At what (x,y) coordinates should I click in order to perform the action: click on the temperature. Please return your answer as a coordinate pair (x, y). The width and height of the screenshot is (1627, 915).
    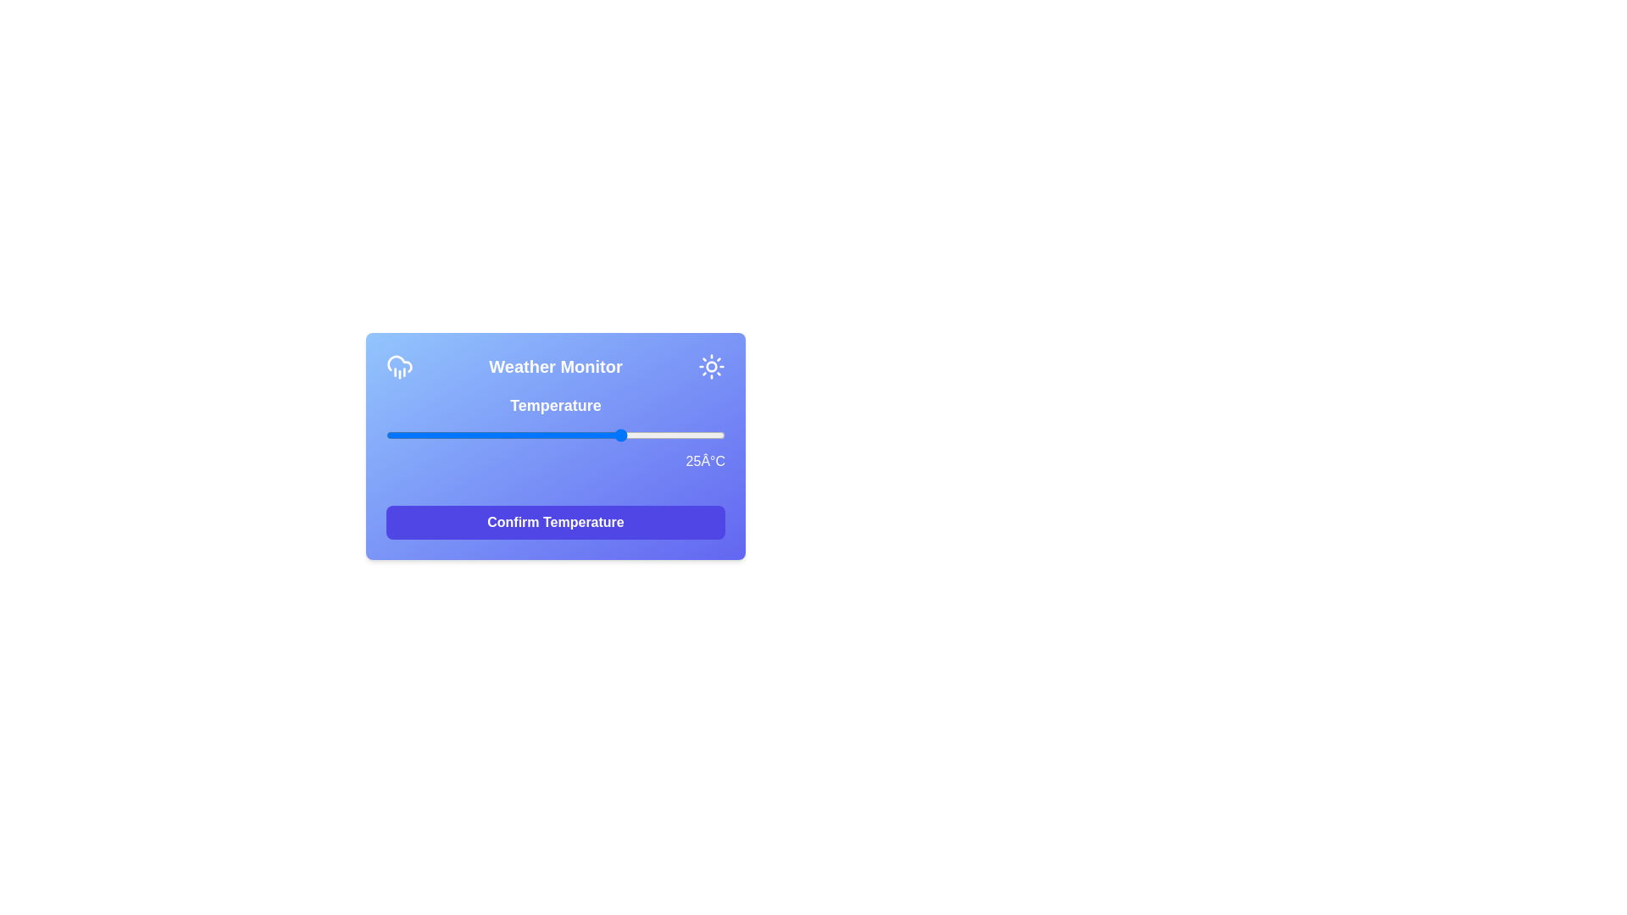
    Looking at the image, I should click on (663, 434).